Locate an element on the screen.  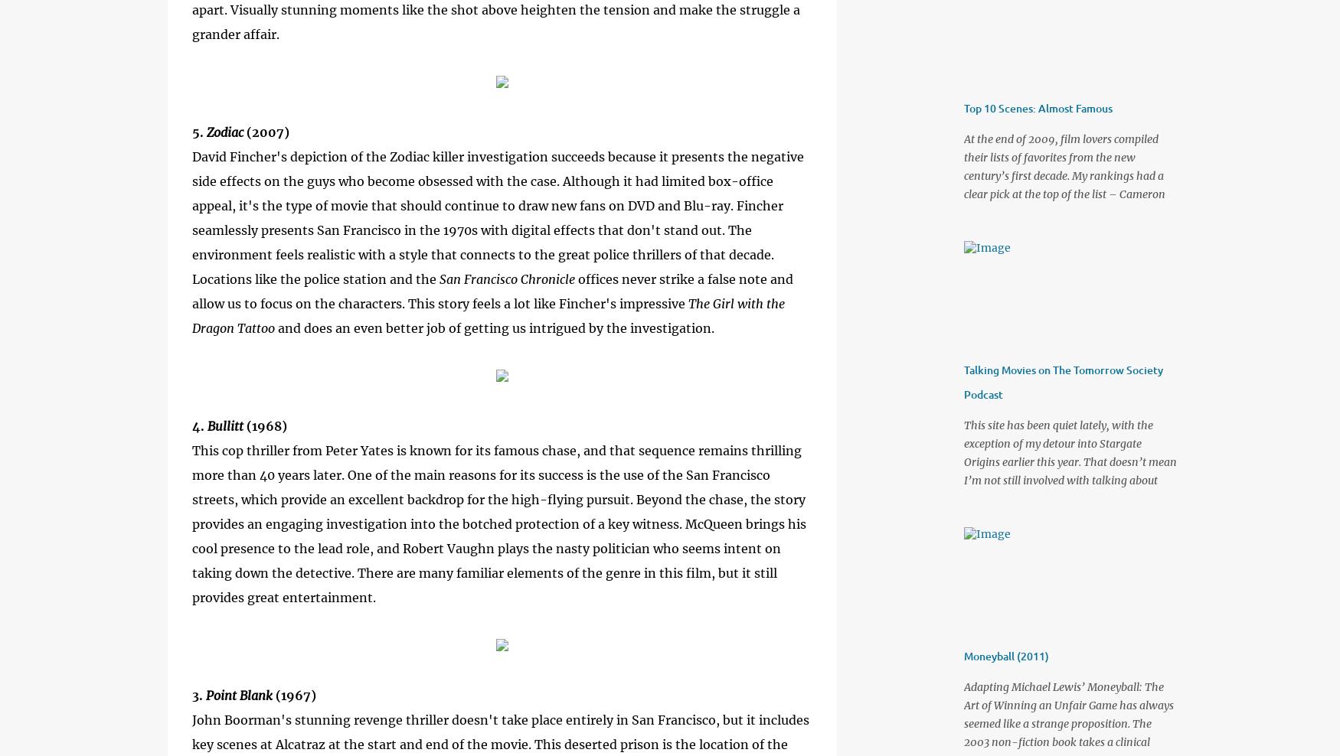
'(1968)' is located at coordinates (243, 426).